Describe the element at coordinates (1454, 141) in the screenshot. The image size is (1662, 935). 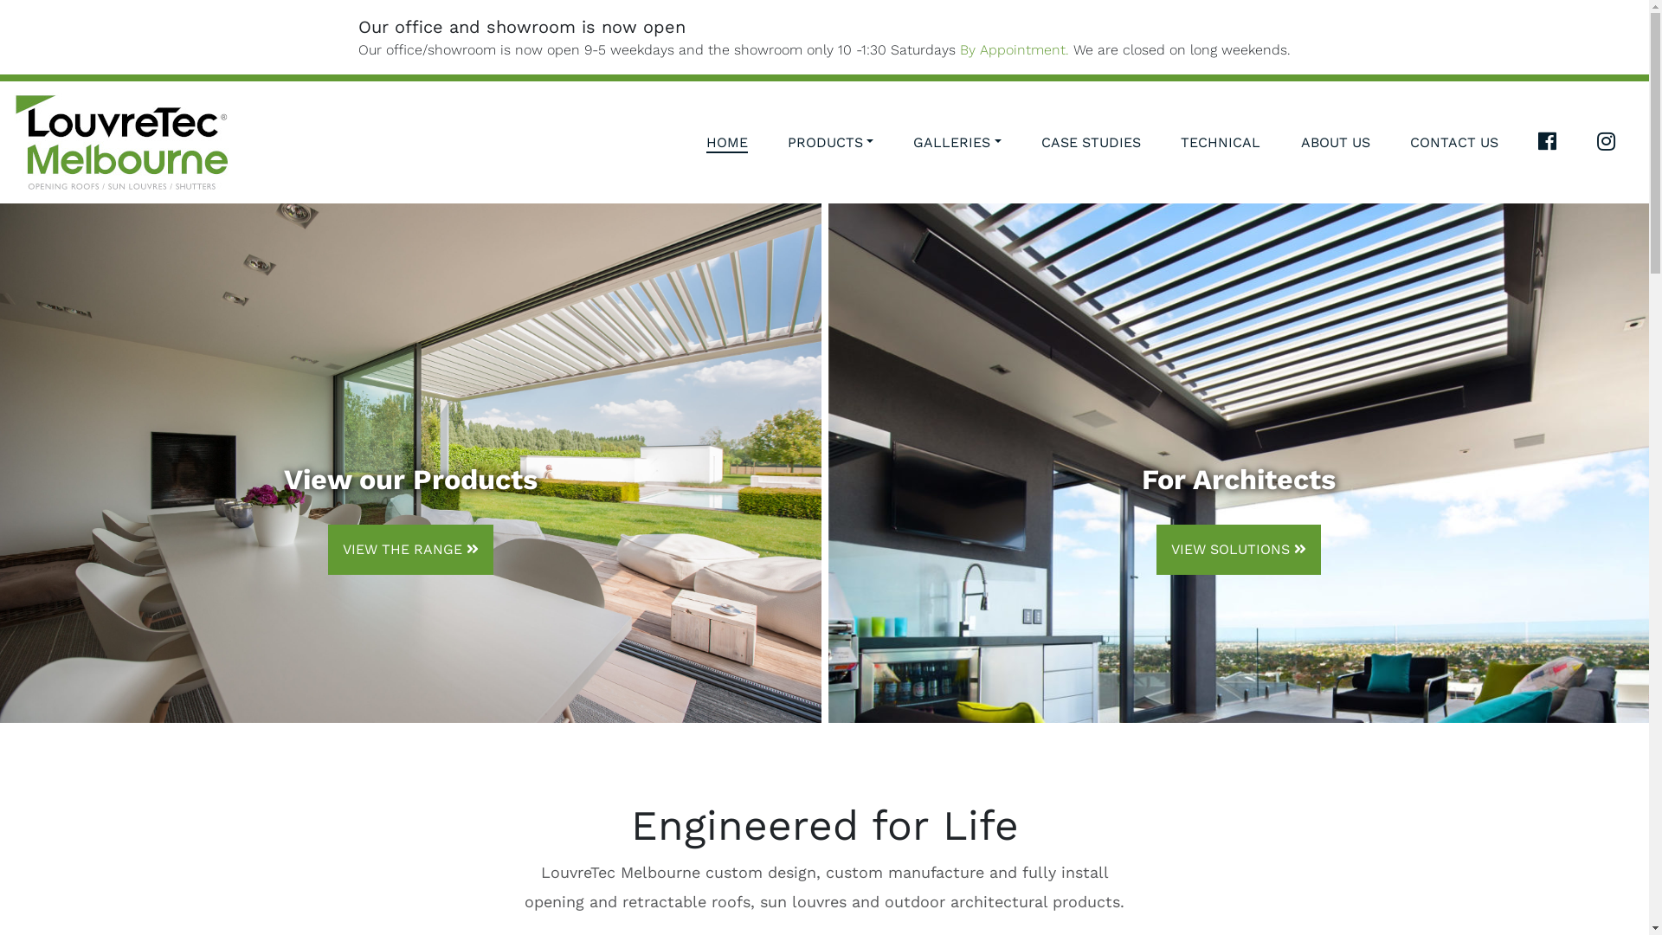
I see `'CONTACT US'` at that location.